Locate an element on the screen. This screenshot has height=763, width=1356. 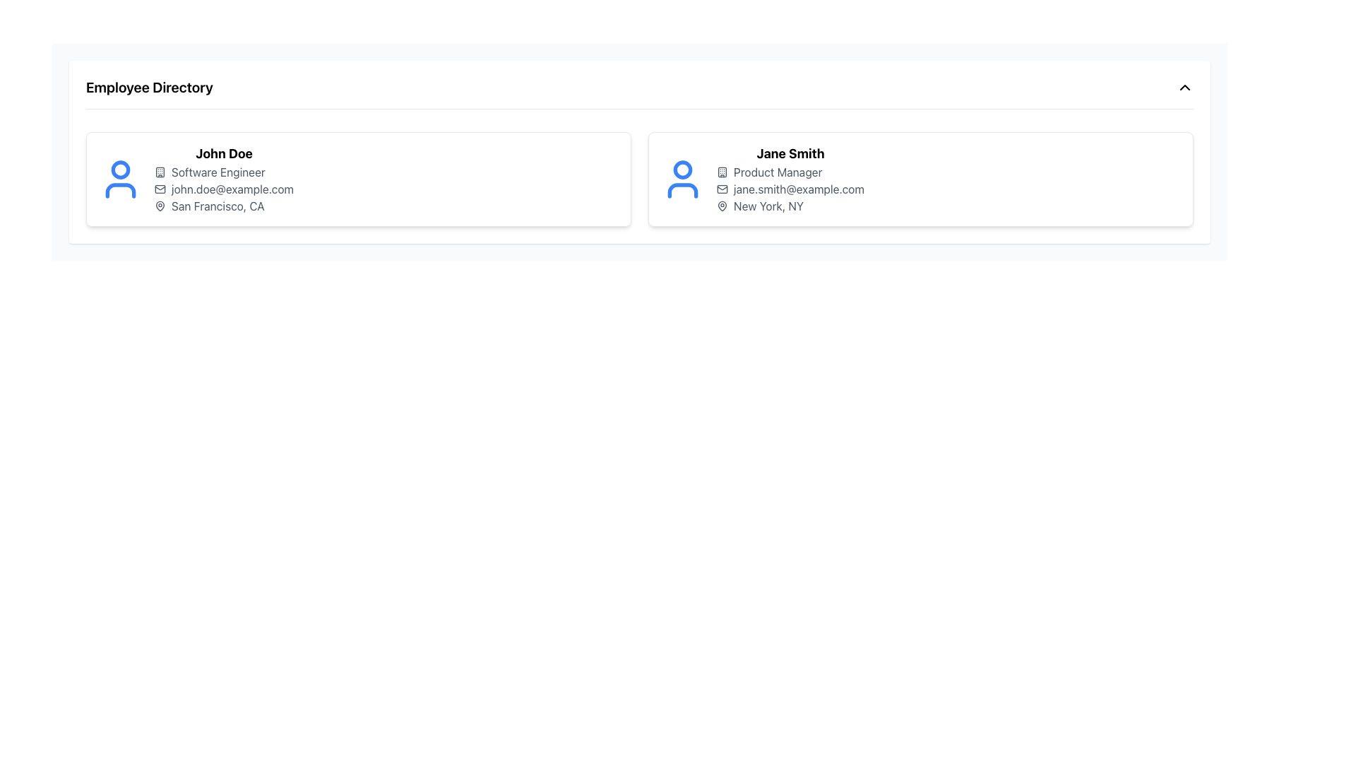
the outer shape of the SVG location pin icon associated with 'Jane Smith' is located at coordinates (722, 205).